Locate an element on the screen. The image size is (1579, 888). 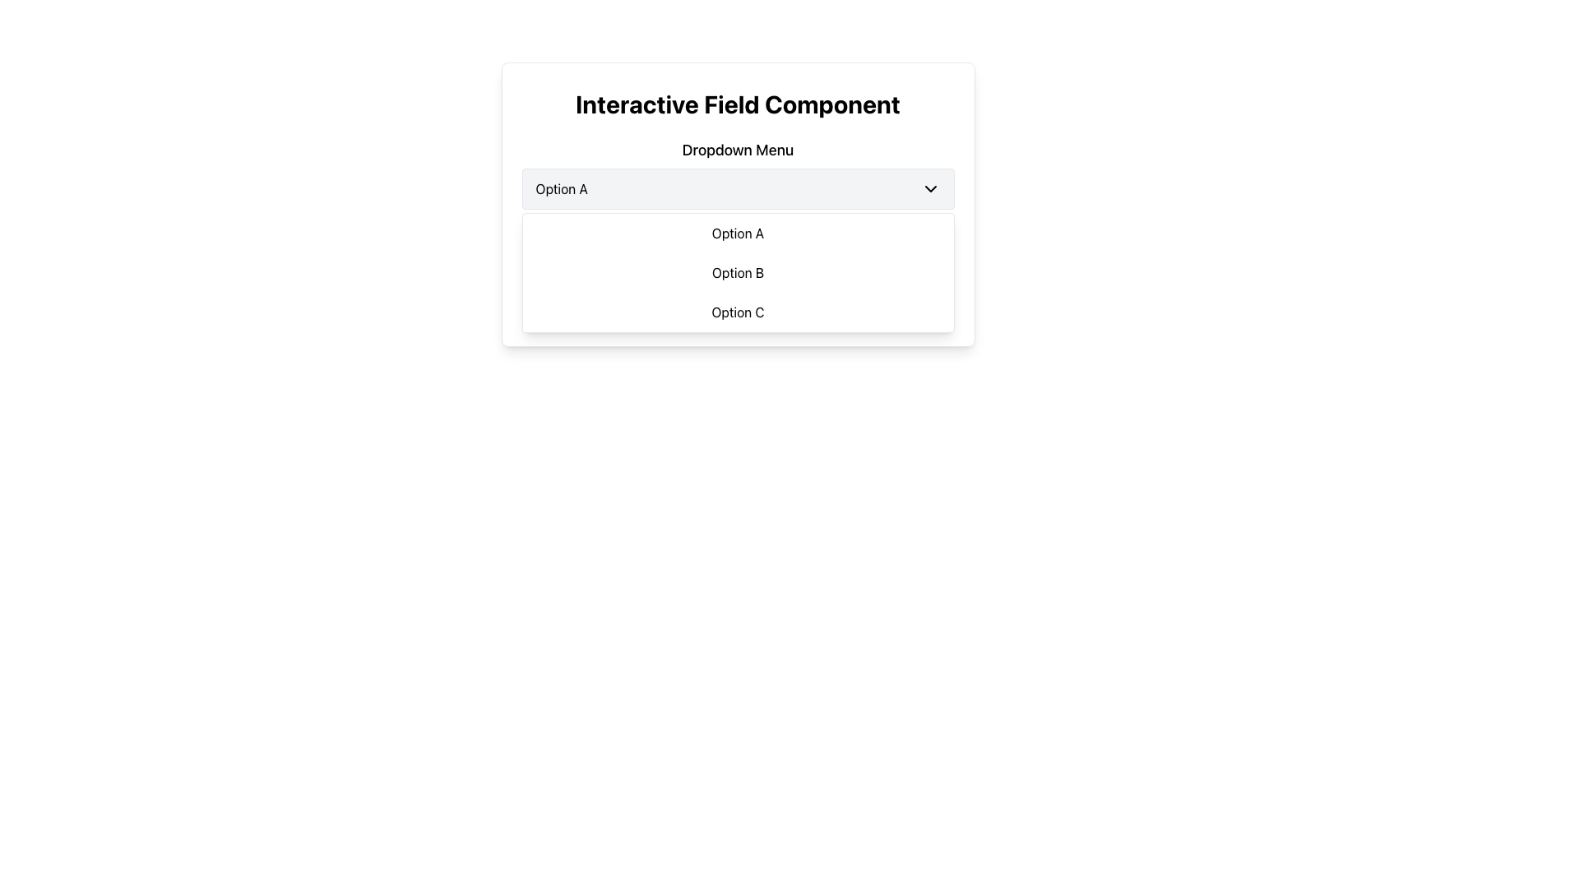
the Text label that describes and identifies the purpose of the dropdown component, which is centrally aligned above the dropdown options is located at coordinates (737, 150).